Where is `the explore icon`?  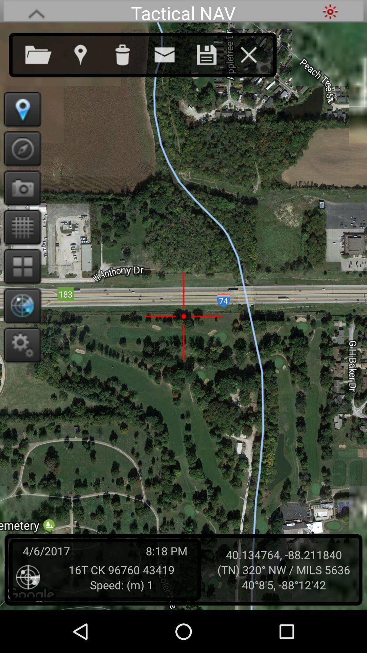 the explore icon is located at coordinates (20, 158).